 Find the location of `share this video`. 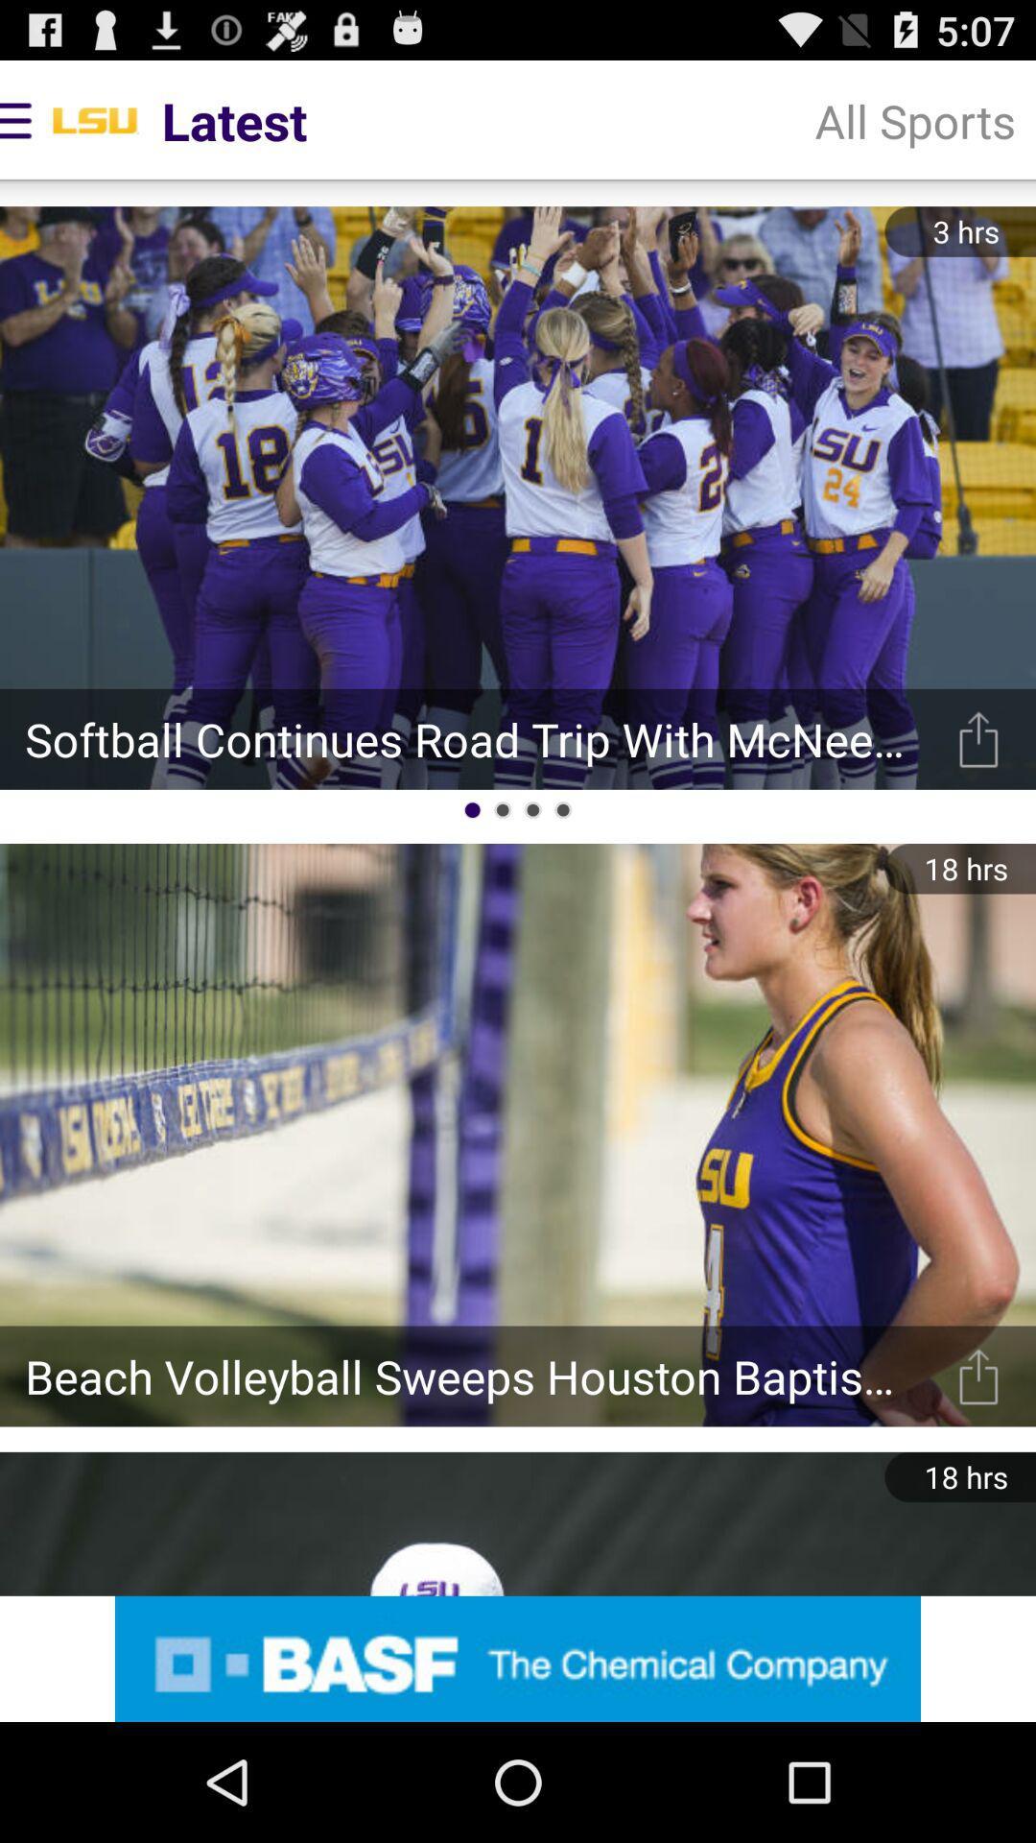

share this video is located at coordinates (978, 1376).